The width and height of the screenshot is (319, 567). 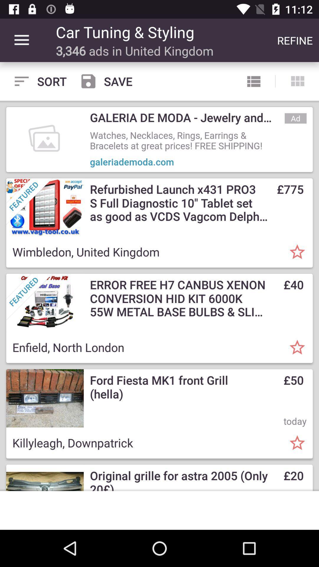 What do you see at coordinates (45, 139) in the screenshot?
I see `the first image below sort` at bounding box center [45, 139].